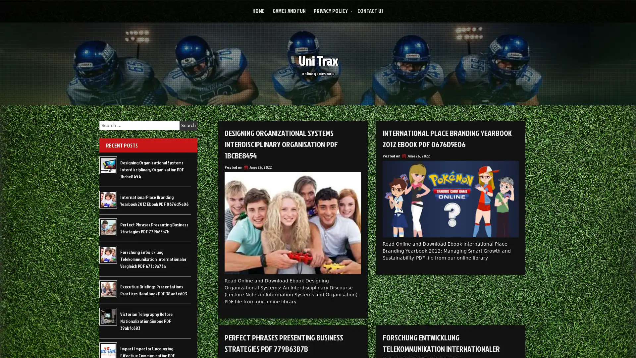  Describe the element at coordinates (188, 125) in the screenshot. I see `Search` at that location.